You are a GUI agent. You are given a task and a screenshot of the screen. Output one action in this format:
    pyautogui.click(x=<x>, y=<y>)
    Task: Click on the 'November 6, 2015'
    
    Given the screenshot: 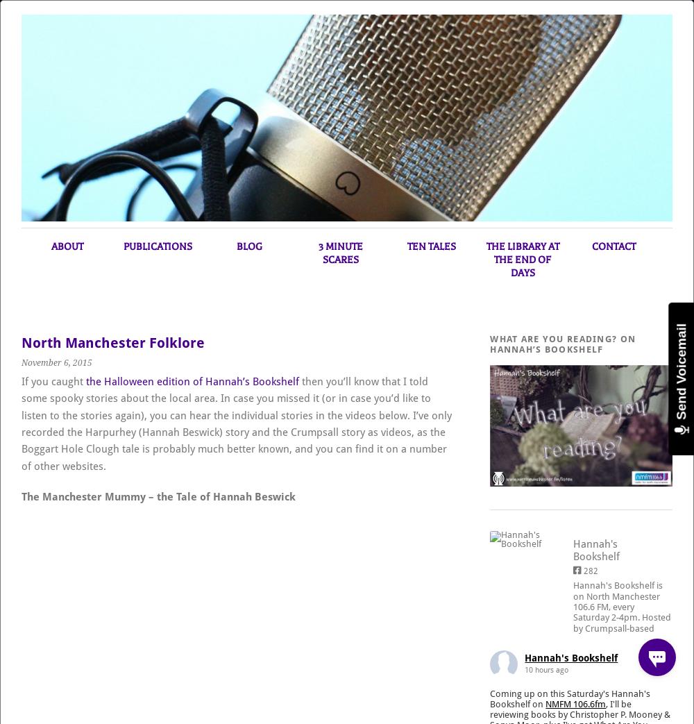 What is the action you would take?
    pyautogui.click(x=56, y=362)
    